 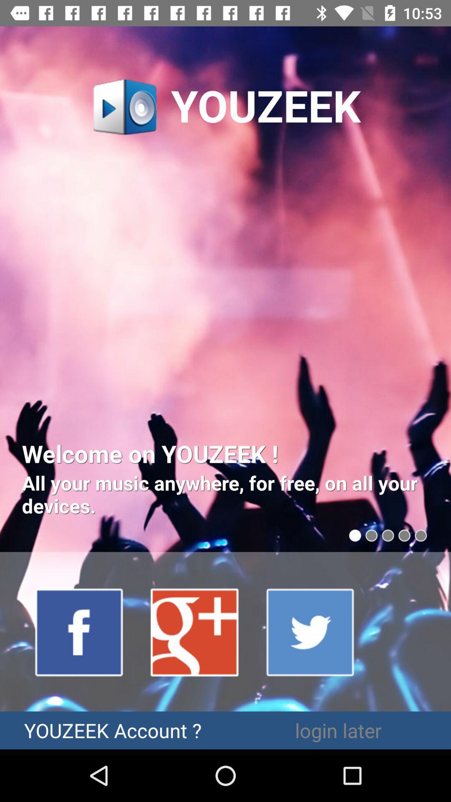 I want to click on item below all your music icon, so click(x=79, y=632).